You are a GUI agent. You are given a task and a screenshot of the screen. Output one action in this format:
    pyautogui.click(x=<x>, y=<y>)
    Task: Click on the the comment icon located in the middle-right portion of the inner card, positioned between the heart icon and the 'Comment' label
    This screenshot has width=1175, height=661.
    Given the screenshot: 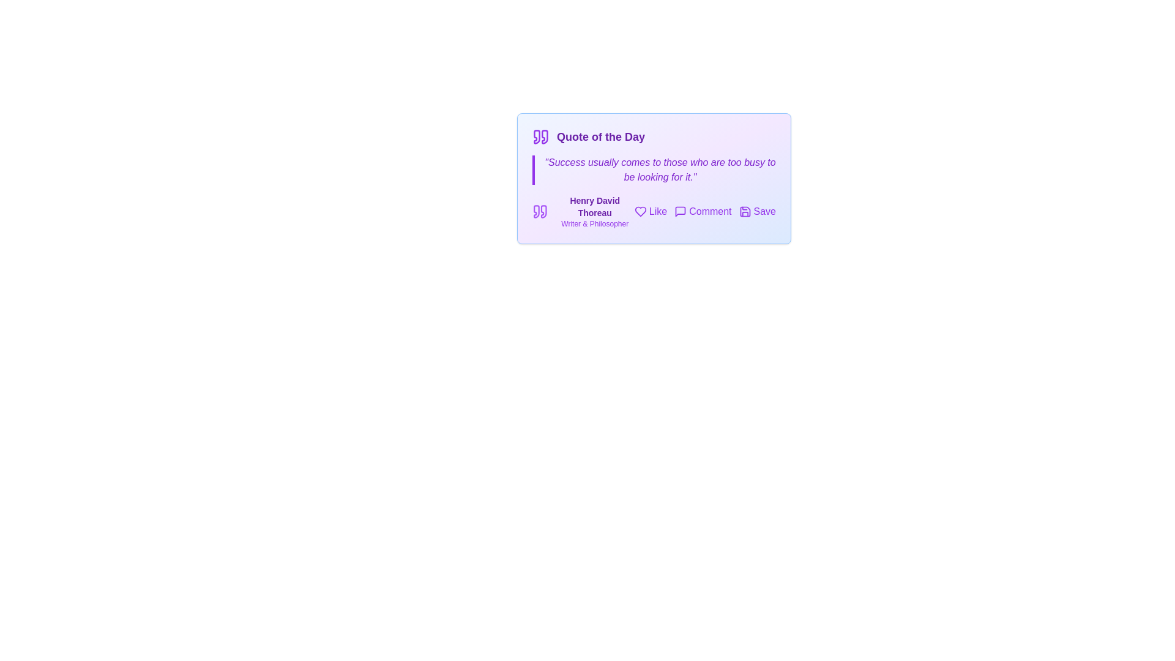 What is the action you would take?
    pyautogui.click(x=680, y=211)
    